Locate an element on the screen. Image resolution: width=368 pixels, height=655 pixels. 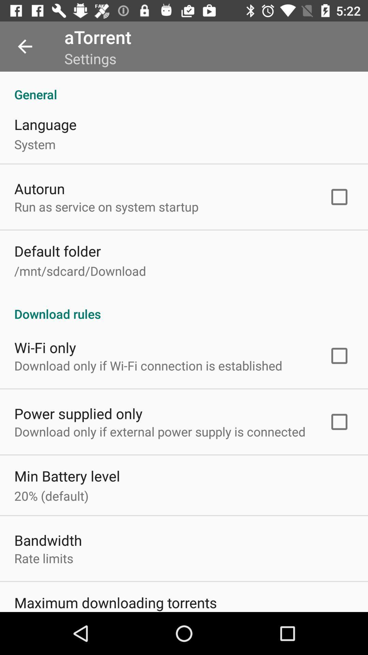
item above the general item is located at coordinates (25, 46).